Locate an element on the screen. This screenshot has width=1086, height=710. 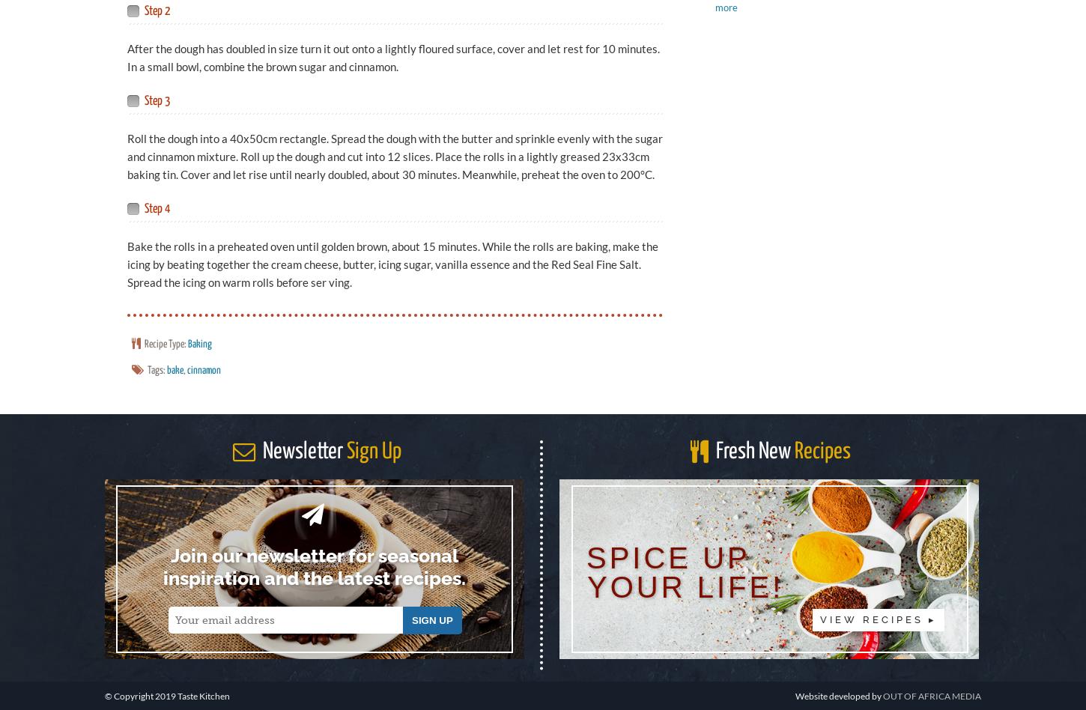
'Step 2' is located at coordinates (157, 11).